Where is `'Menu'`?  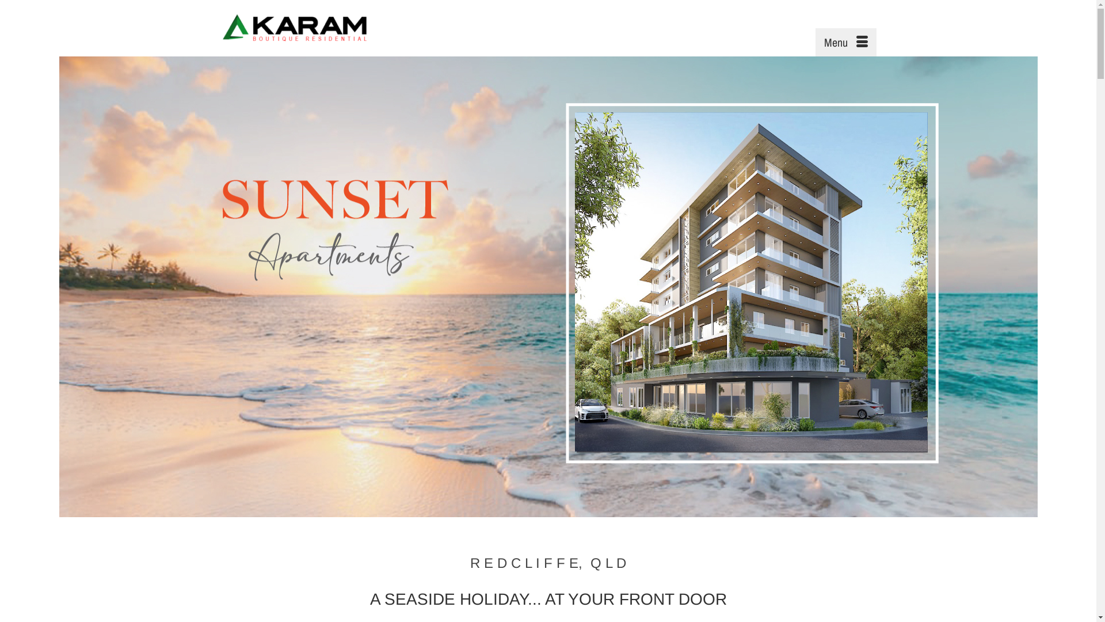 'Menu' is located at coordinates (814, 41).